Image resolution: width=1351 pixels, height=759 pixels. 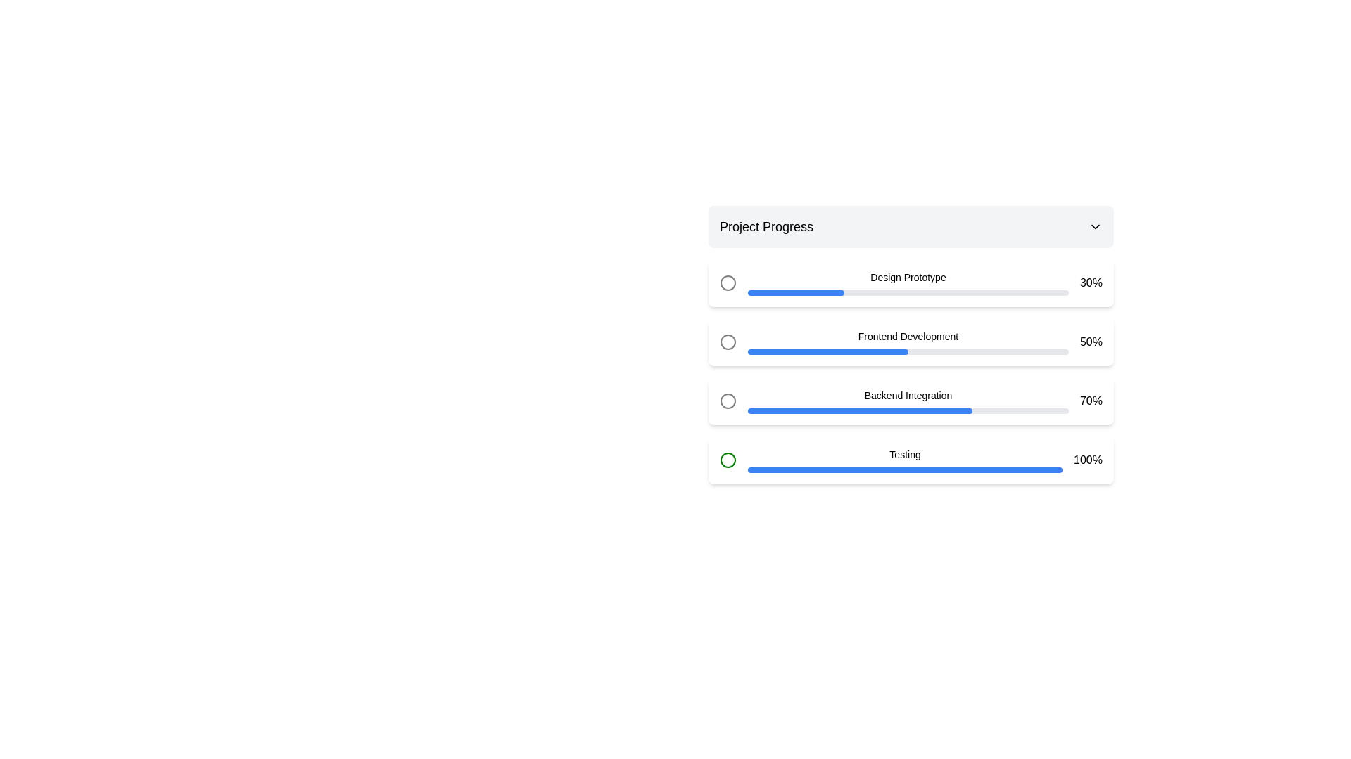 What do you see at coordinates (766, 226) in the screenshot?
I see `the bold text label displaying 'Project Progress', located at the top-left corner of the card component` at bounding box center [766, 226].